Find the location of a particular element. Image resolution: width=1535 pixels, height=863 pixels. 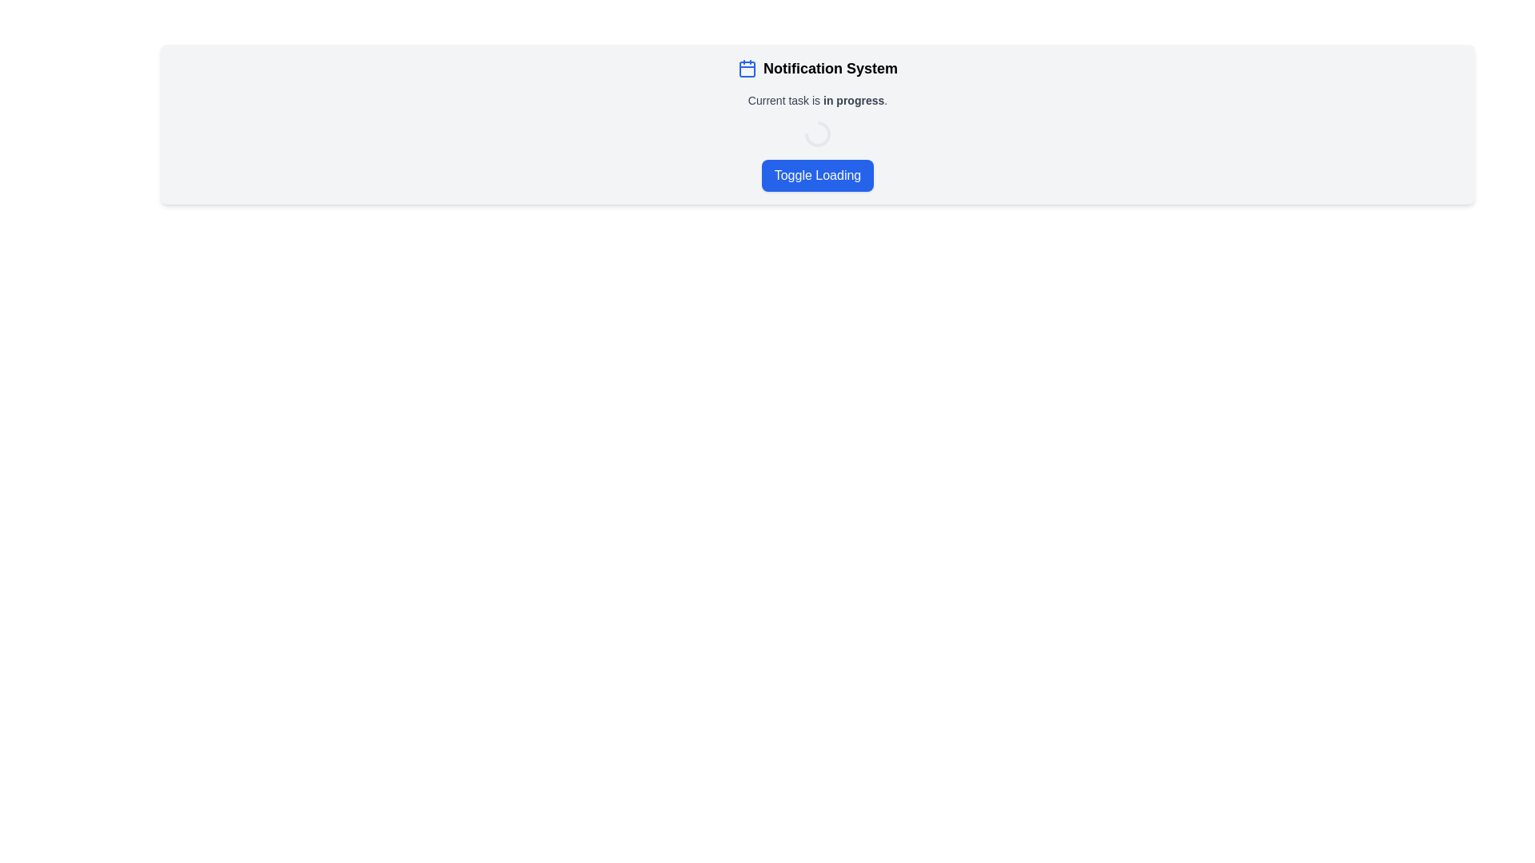

the blue calendar icon positioned to the left of the 'Notification System' text is located at coordinates (747, 67).